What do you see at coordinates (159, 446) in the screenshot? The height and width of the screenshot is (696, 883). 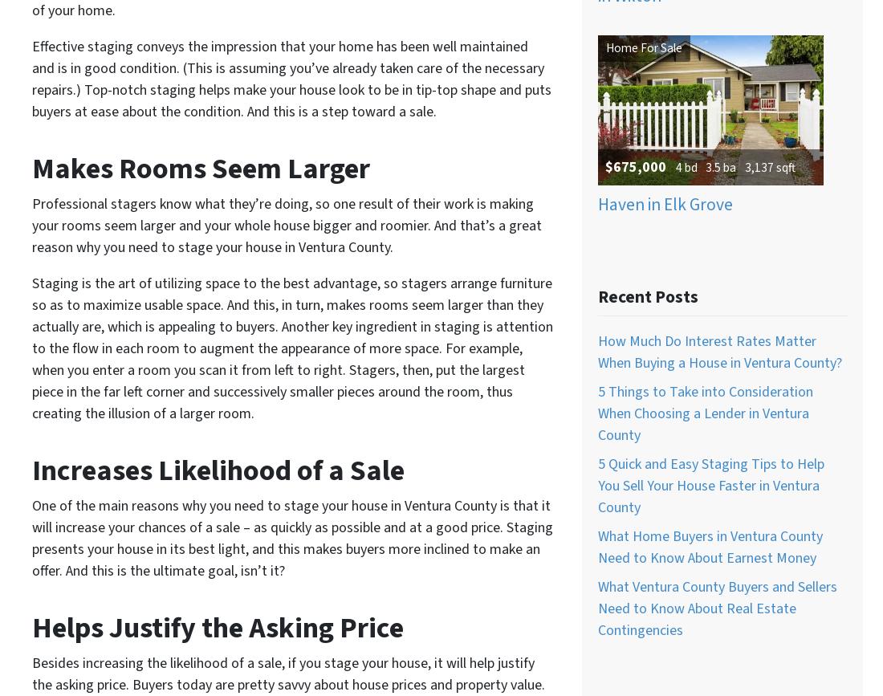 I see `'Real Estate Agents In Santa Barbara, California'` at bounding box center [159, 446].